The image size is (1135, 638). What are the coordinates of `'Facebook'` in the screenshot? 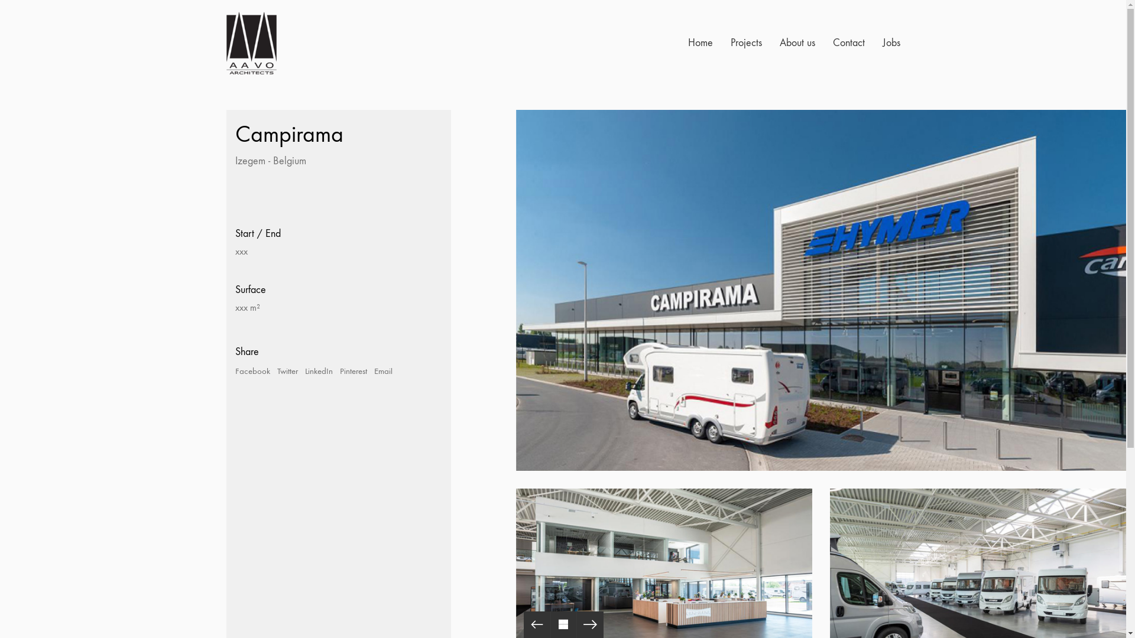 It's located at (252, 370).